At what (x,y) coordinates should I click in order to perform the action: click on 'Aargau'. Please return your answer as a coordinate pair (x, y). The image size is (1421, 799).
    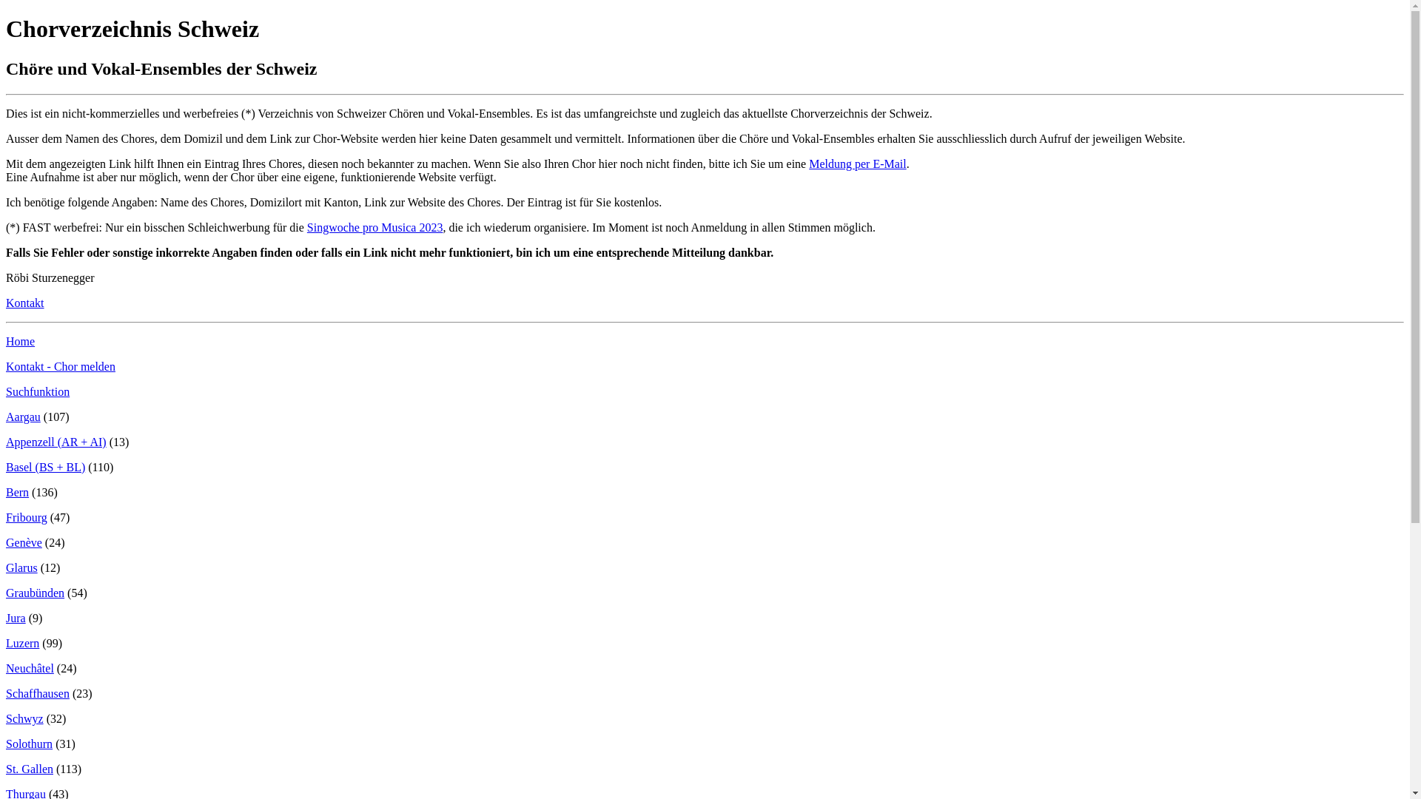
    Looking at the image, I should click on (23, 417).